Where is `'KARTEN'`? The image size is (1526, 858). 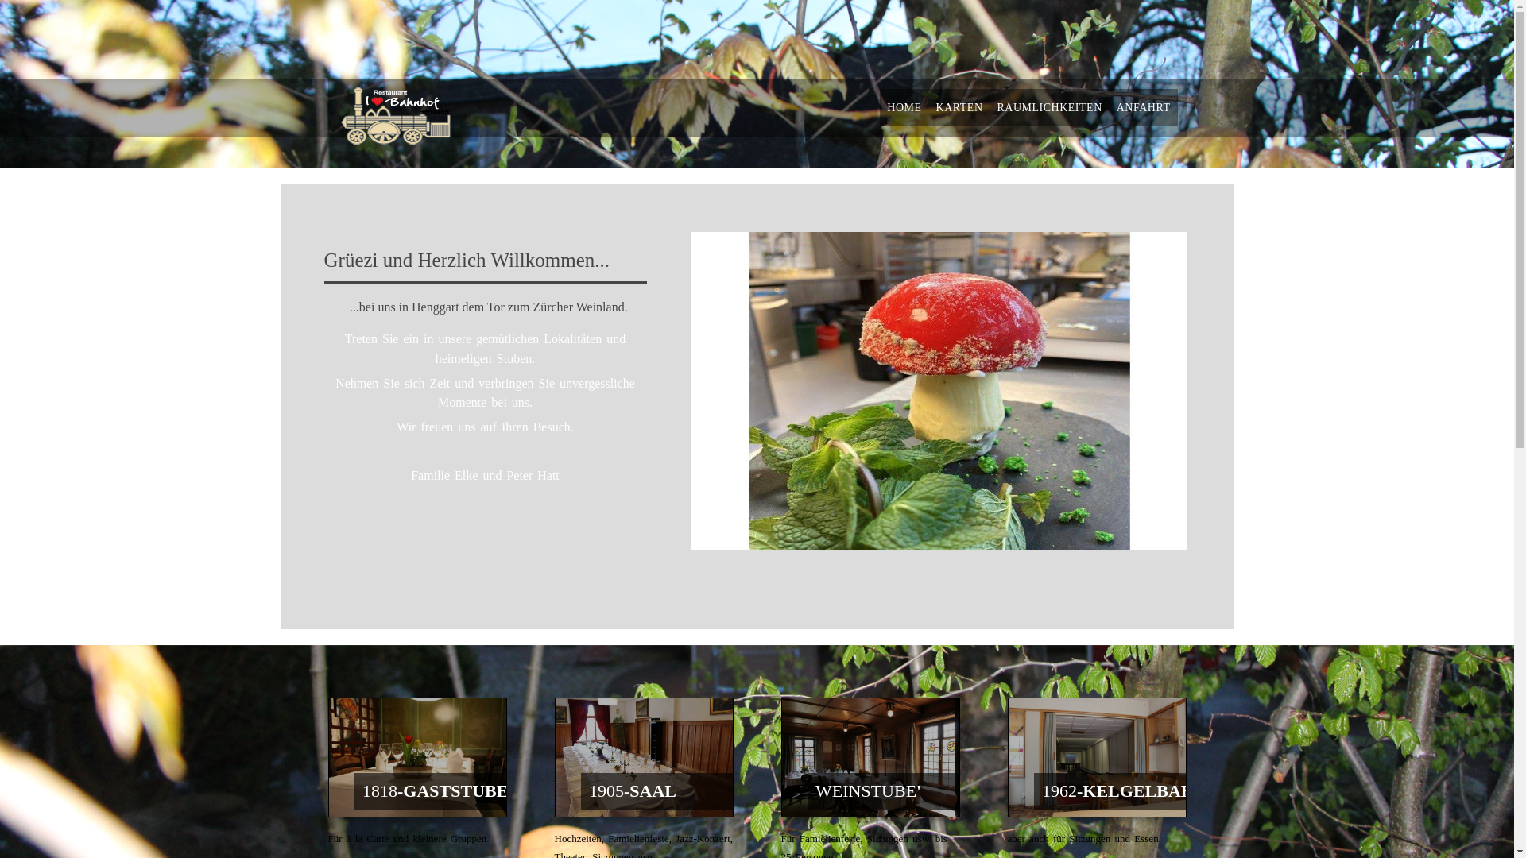
'KARTEN' is located at coordinates (929, 107).